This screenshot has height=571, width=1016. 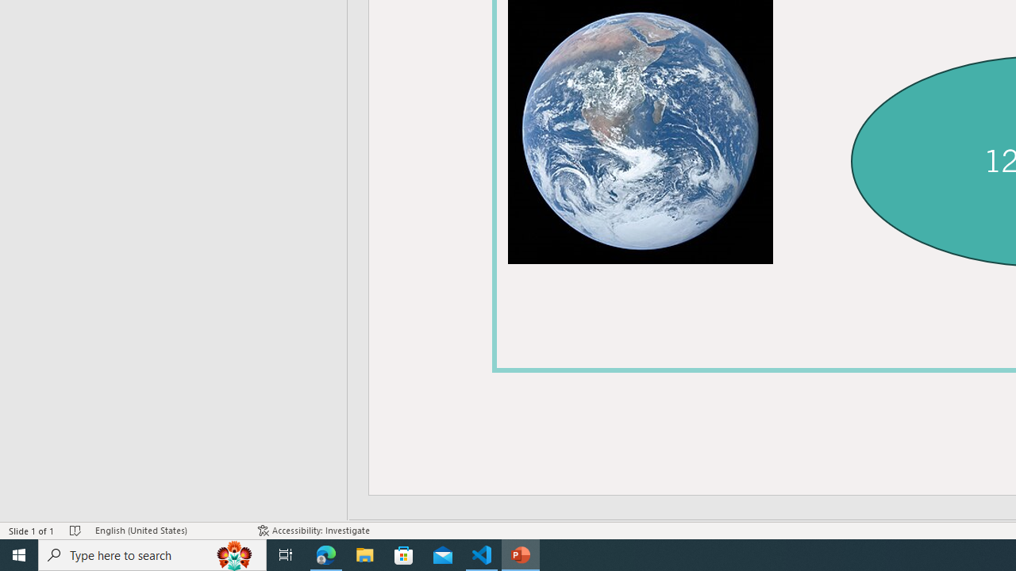 What do you see at coordinates (325, 554) in the screenshot?
I see `'Microsoft Edge - 1 running window'` at bounding box center [325, 554].